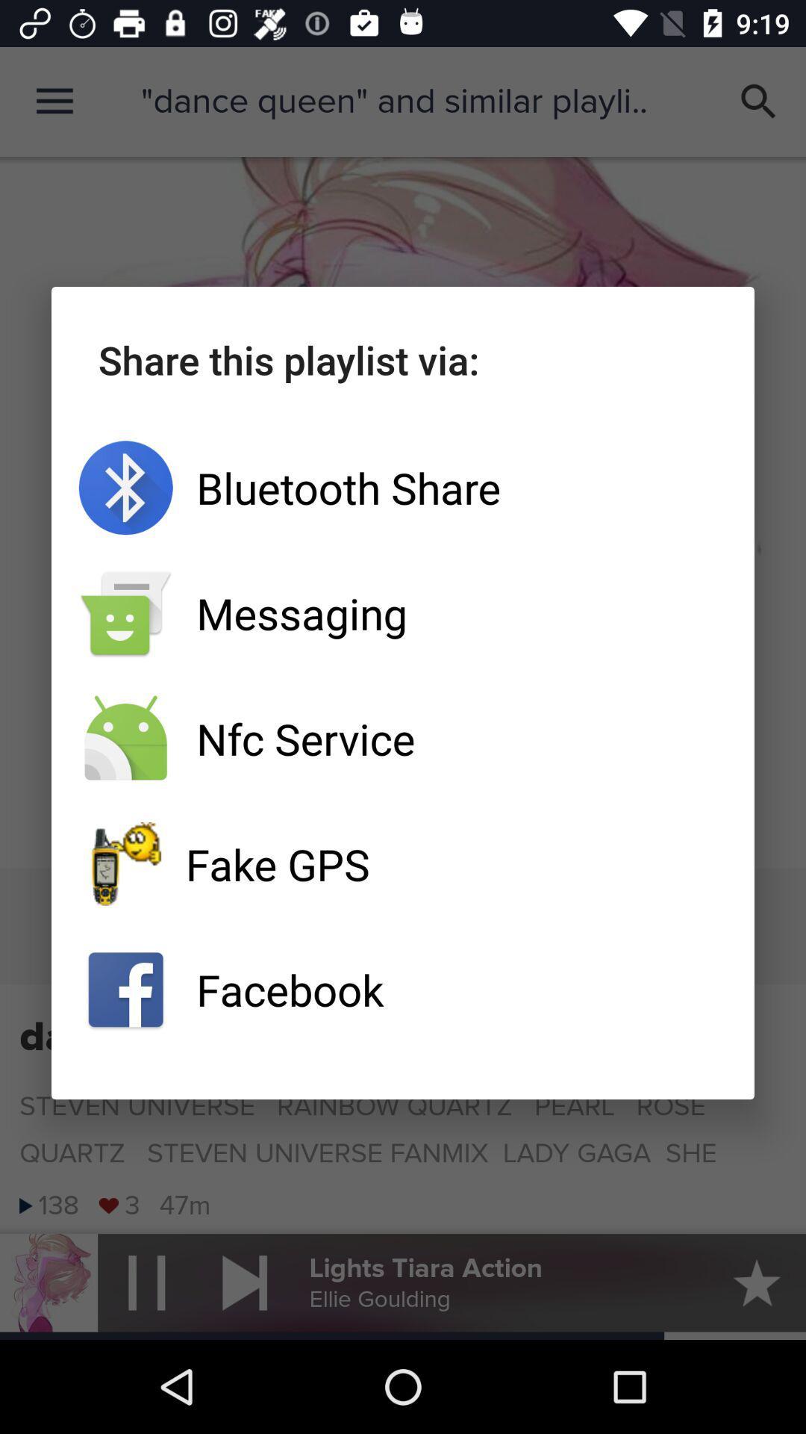 The width and height of the screenshot is (806, 1434). What do you see at coordinates (403, 613) in the screenshot?
I see `icon below bluetooth share icon` at bounding box center [403, 613].